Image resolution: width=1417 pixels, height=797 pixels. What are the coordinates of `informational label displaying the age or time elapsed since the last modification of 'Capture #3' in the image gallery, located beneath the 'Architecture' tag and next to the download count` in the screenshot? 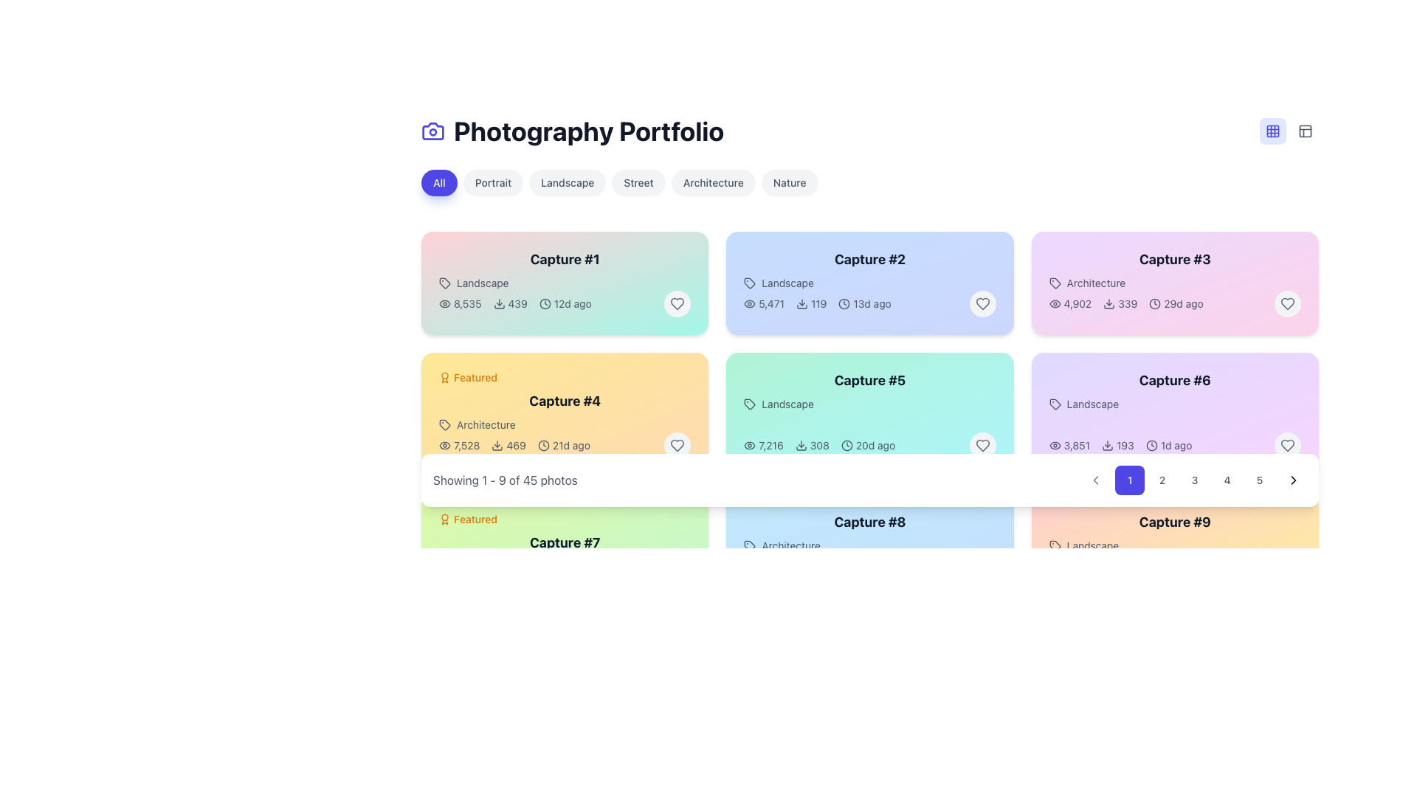 It's located at (1175, 303).